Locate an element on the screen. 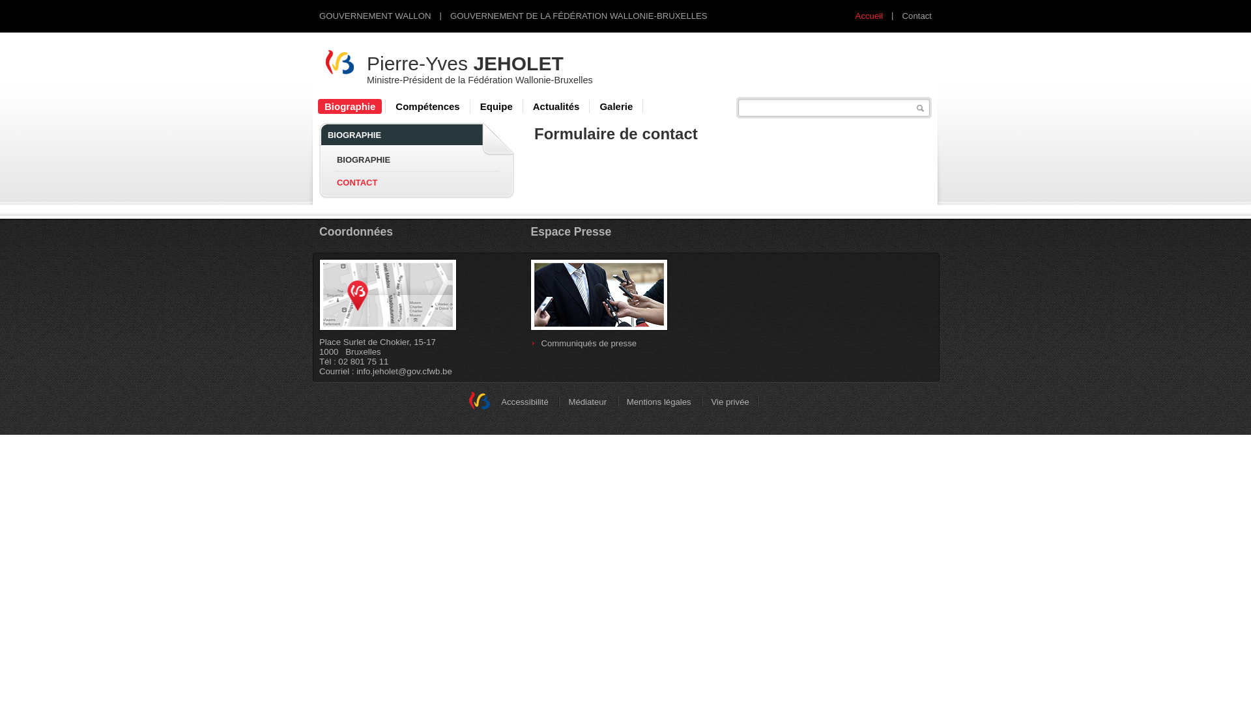 The width and height of the screenshot is (1251, 703). 'presse' is located at coordinates (598, 294).